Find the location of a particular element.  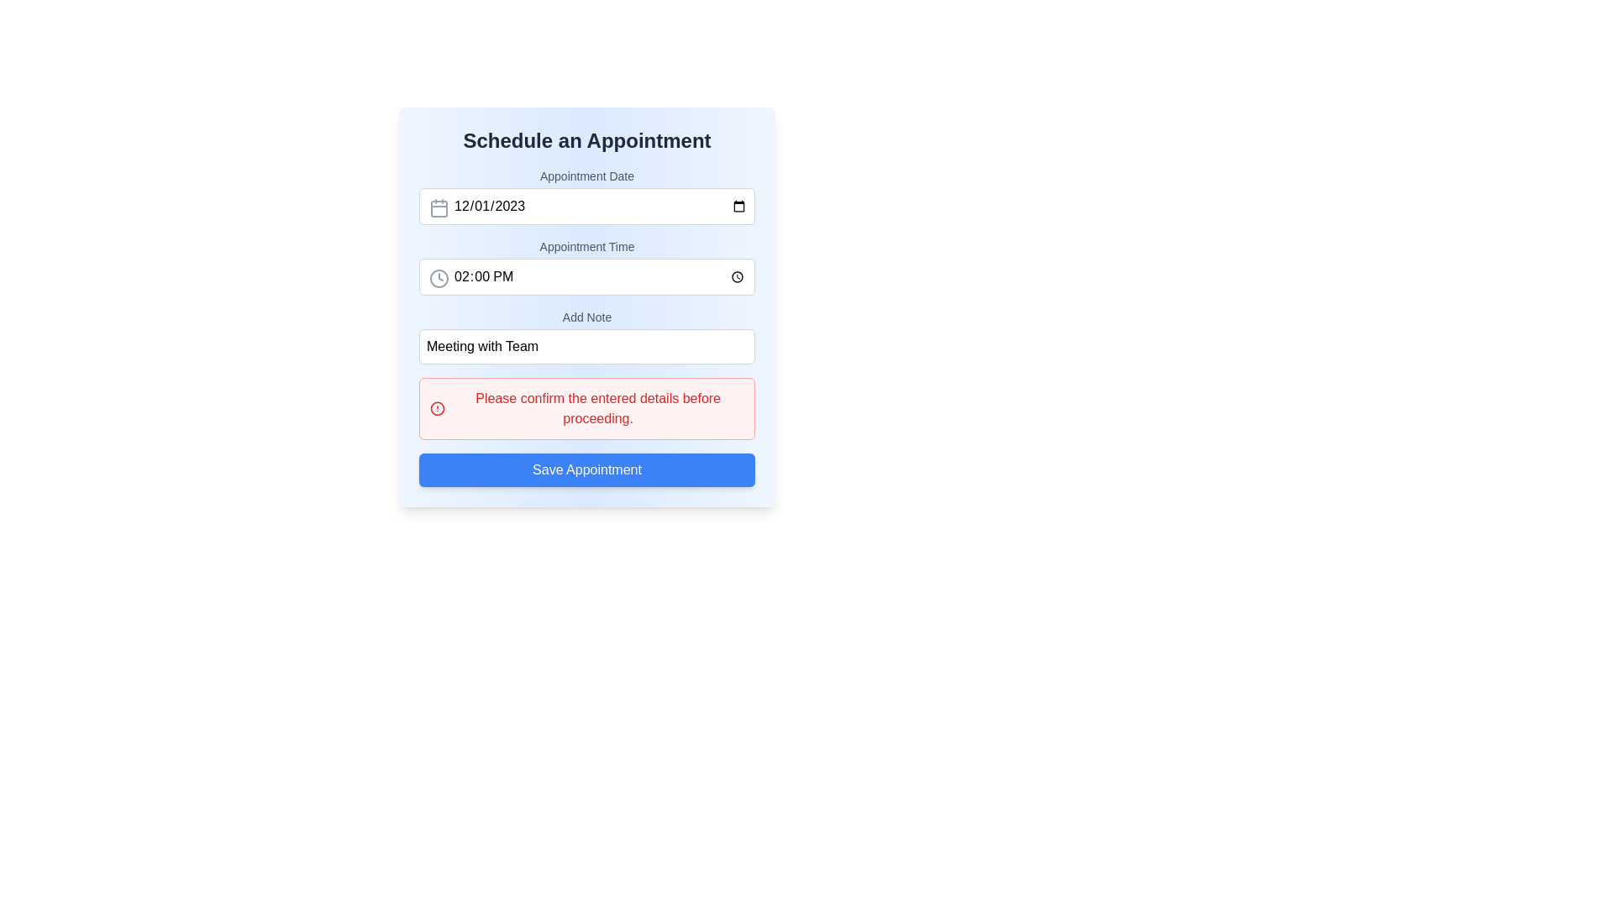

the Notification alert box that prompts the user to review entered details before proceeding with the current operation, located below the 'Add Note' input field and above the 'Save Appointment' button is located at coordinates (587, 408).